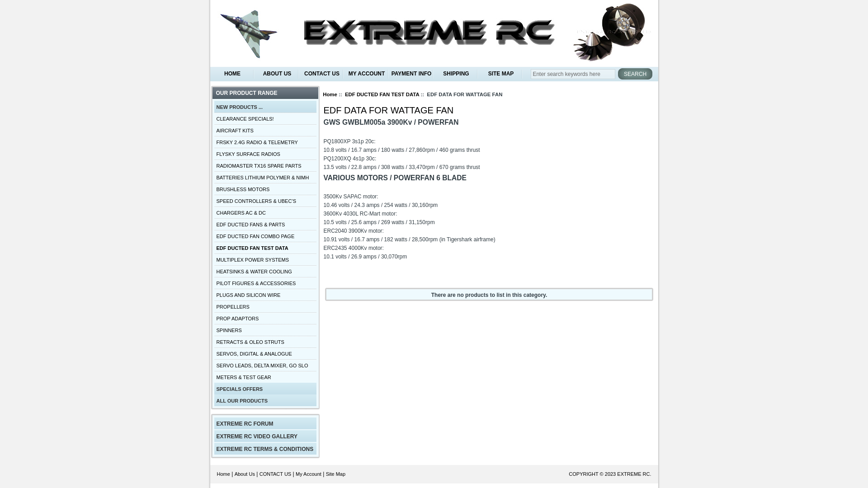  What do you see at coordinates (264, 306) in the screenshot?
I see `'PROPELLERS'` at bounding box center [264, 306].